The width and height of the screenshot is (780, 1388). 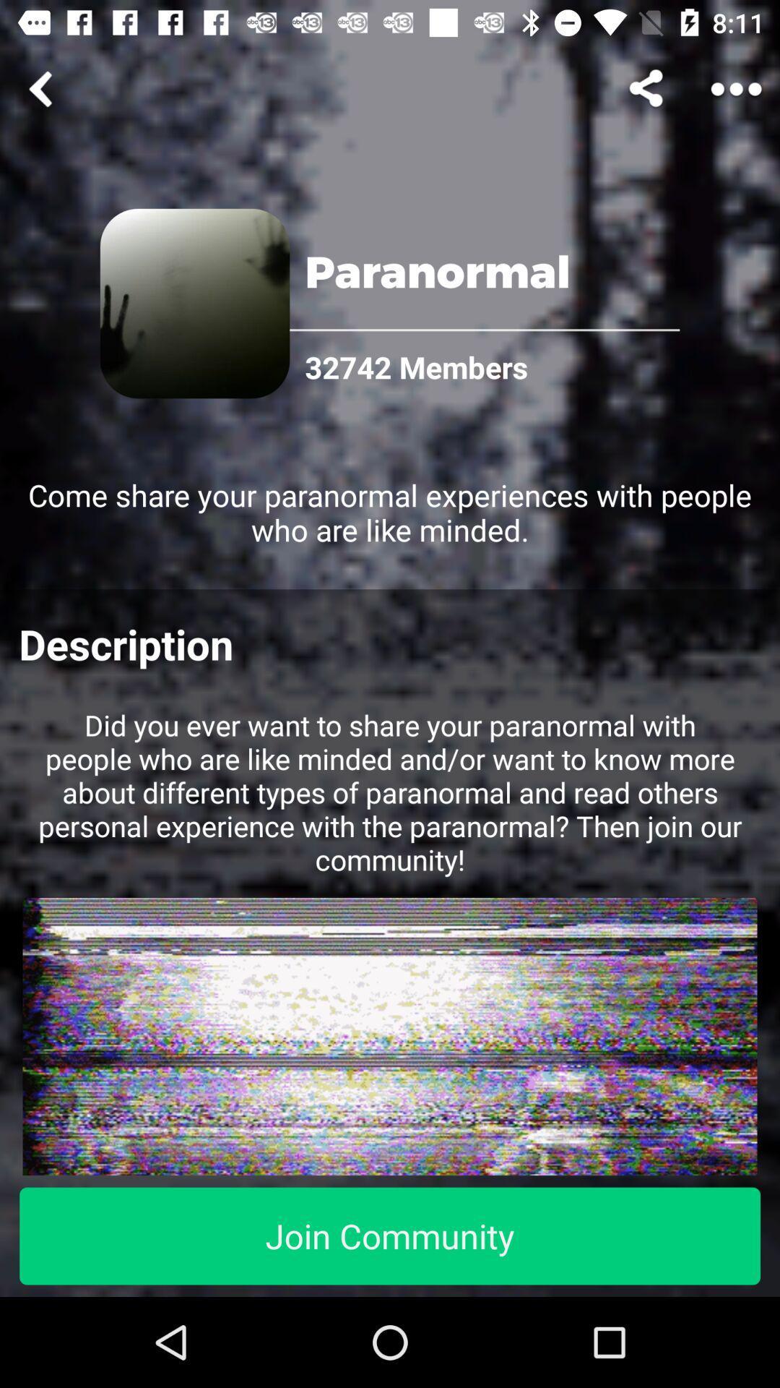 I want to click on the share icon, so click(x=648, y=88).